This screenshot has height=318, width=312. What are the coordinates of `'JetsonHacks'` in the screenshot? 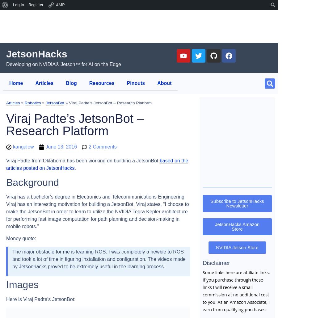 It's located at (6, 54).